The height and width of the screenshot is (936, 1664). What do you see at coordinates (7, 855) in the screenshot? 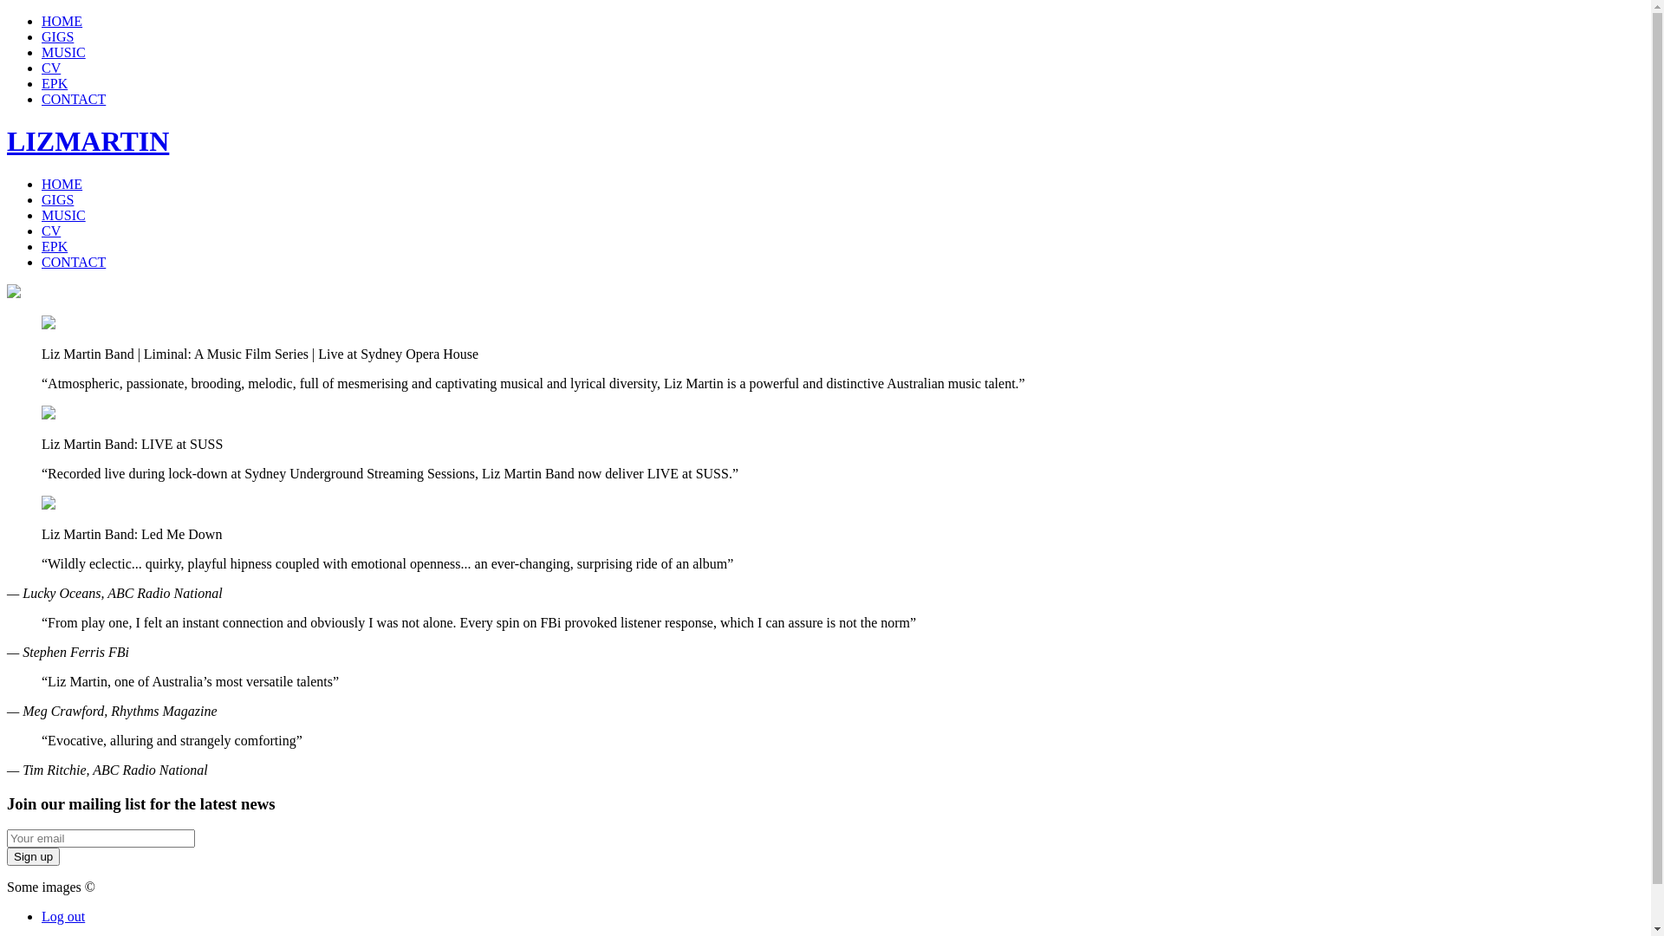
I see `'Sign up'` at bounding box center [7, 855].